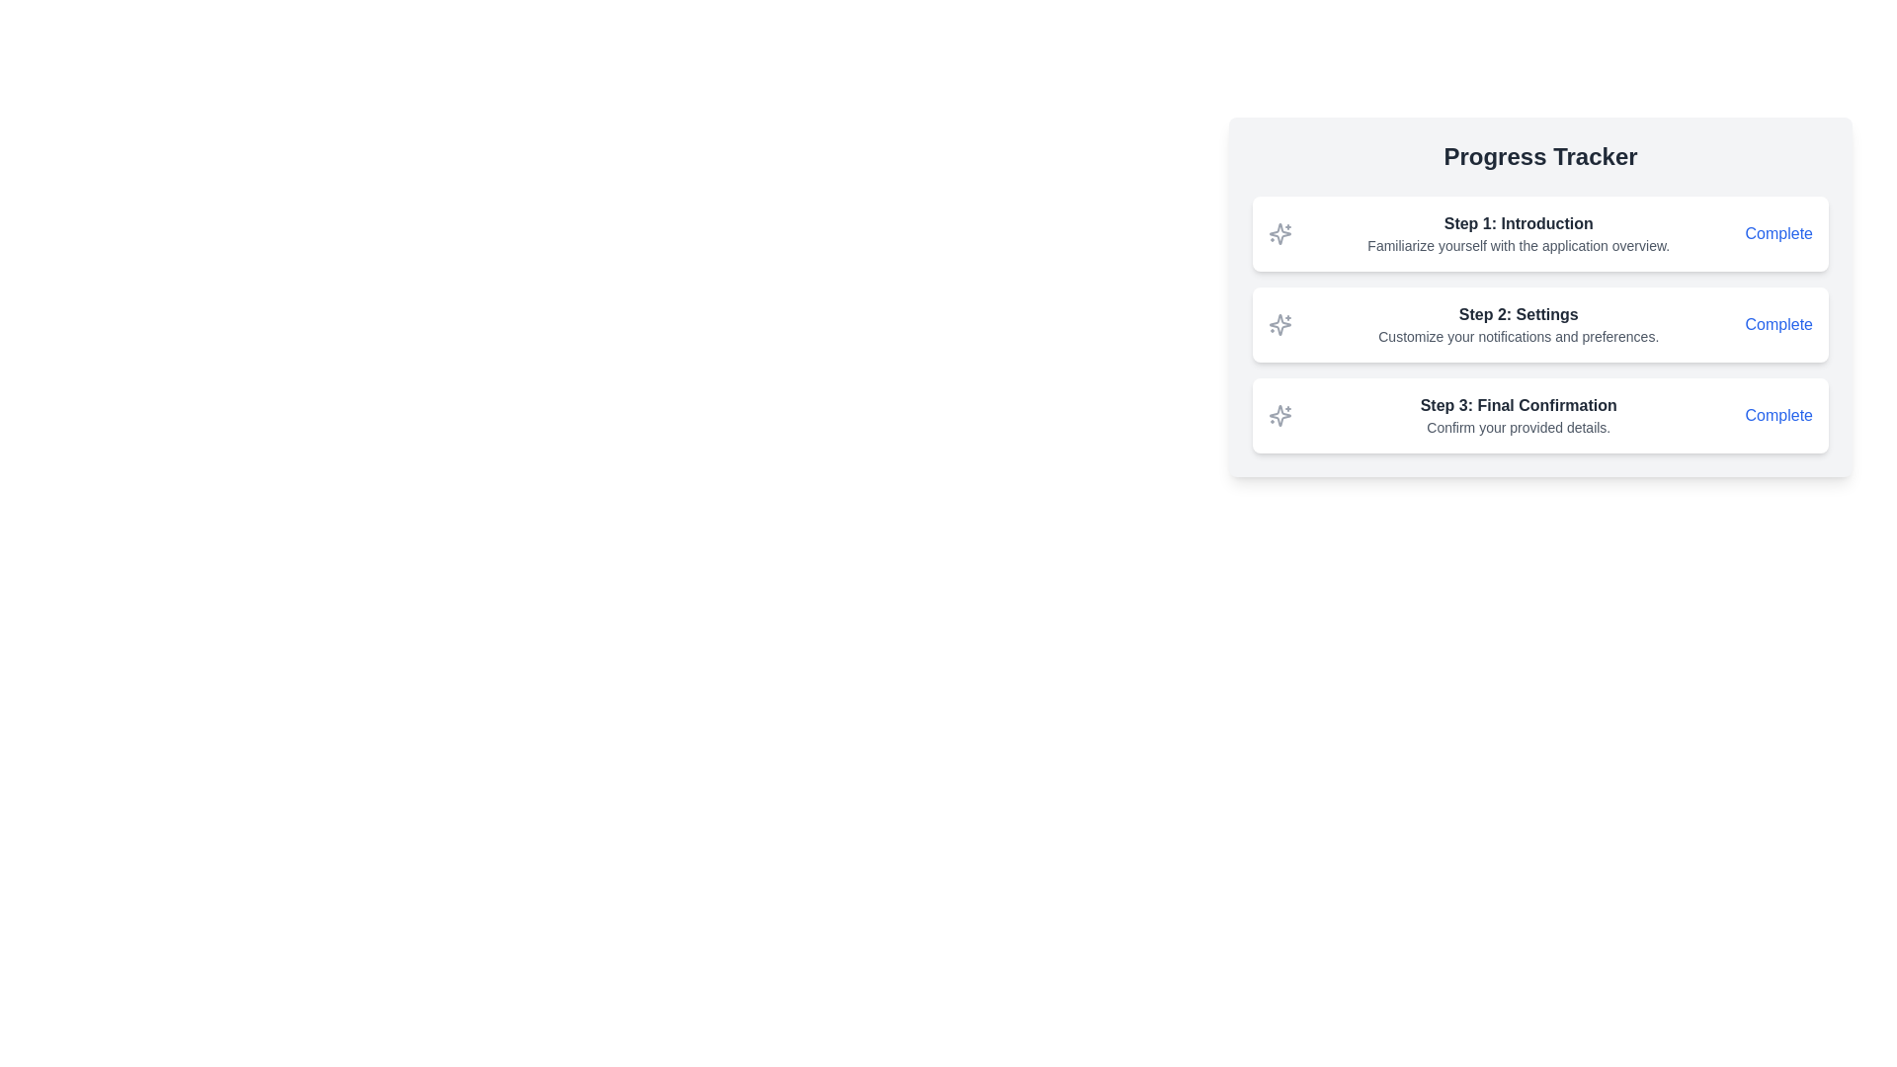 Image resolution: width=1897 pixels, height=1067 pixels. Describe the element at coordinates (1280, 232) in the screenshot. I see `the star-like icon representing 'Step 1: Introduction' in the steps tracker component` at that location.